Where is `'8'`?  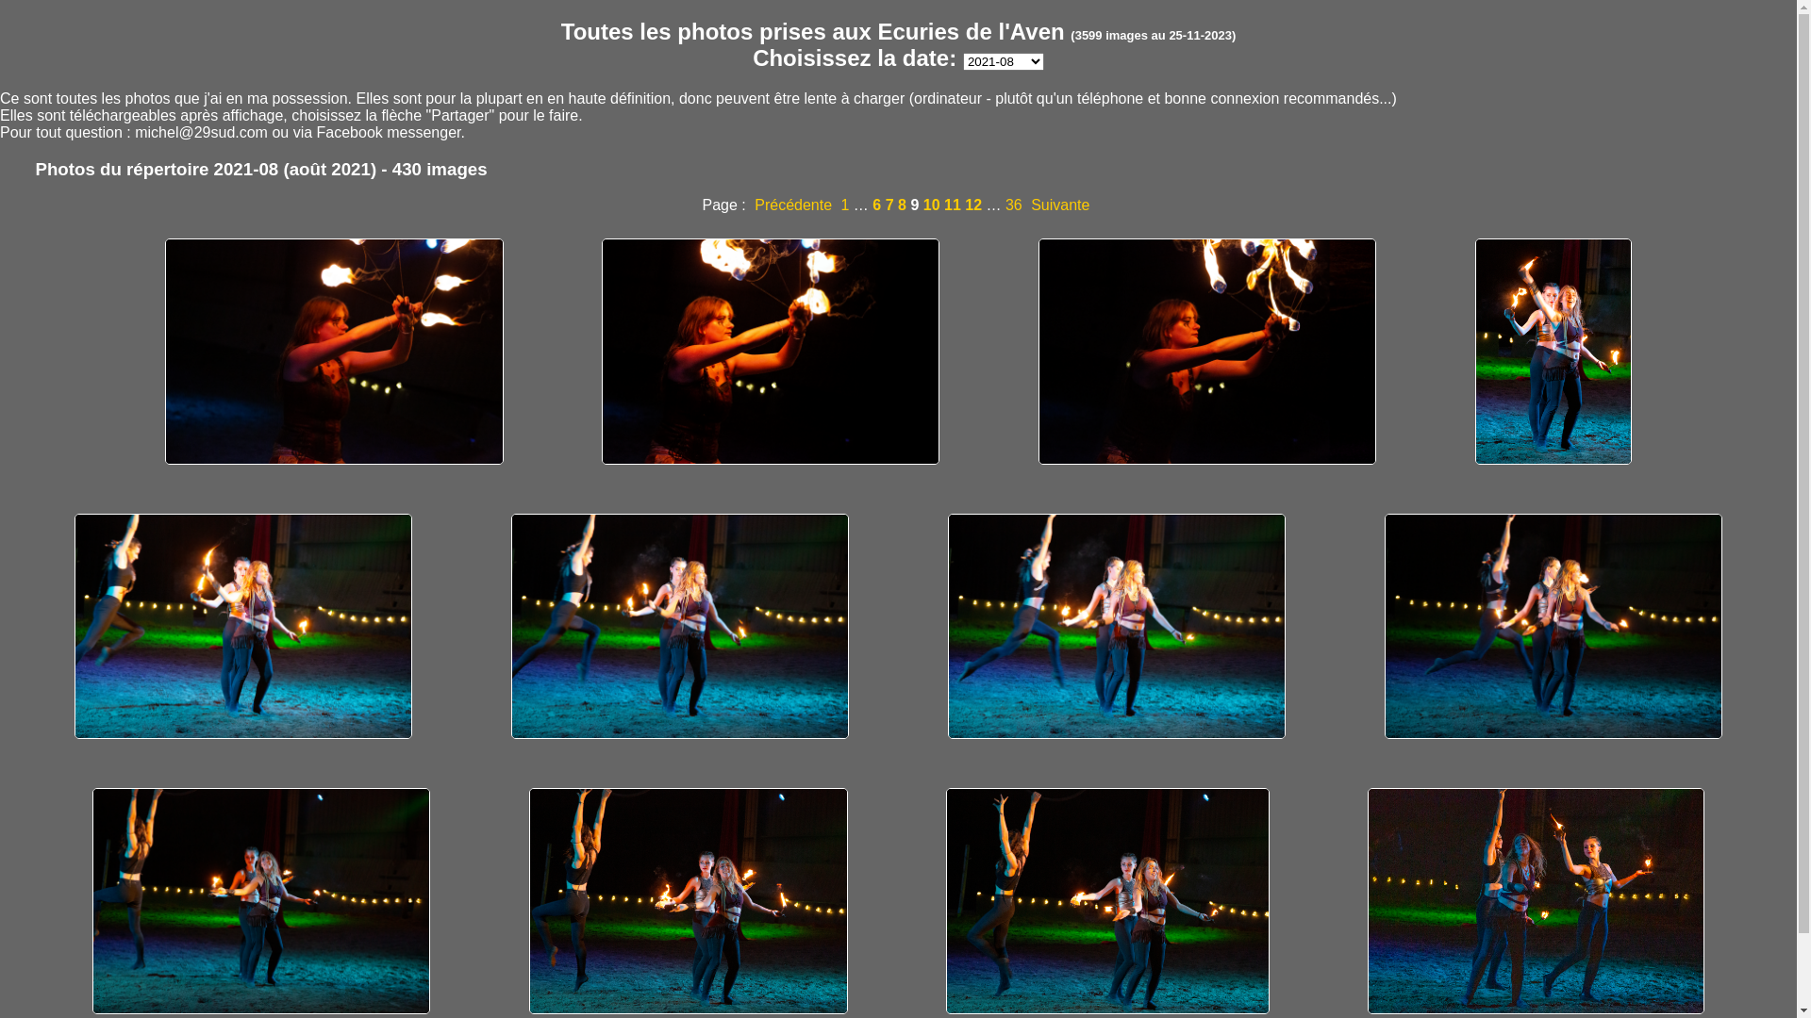 '8' is located at coordinates (901, 205).